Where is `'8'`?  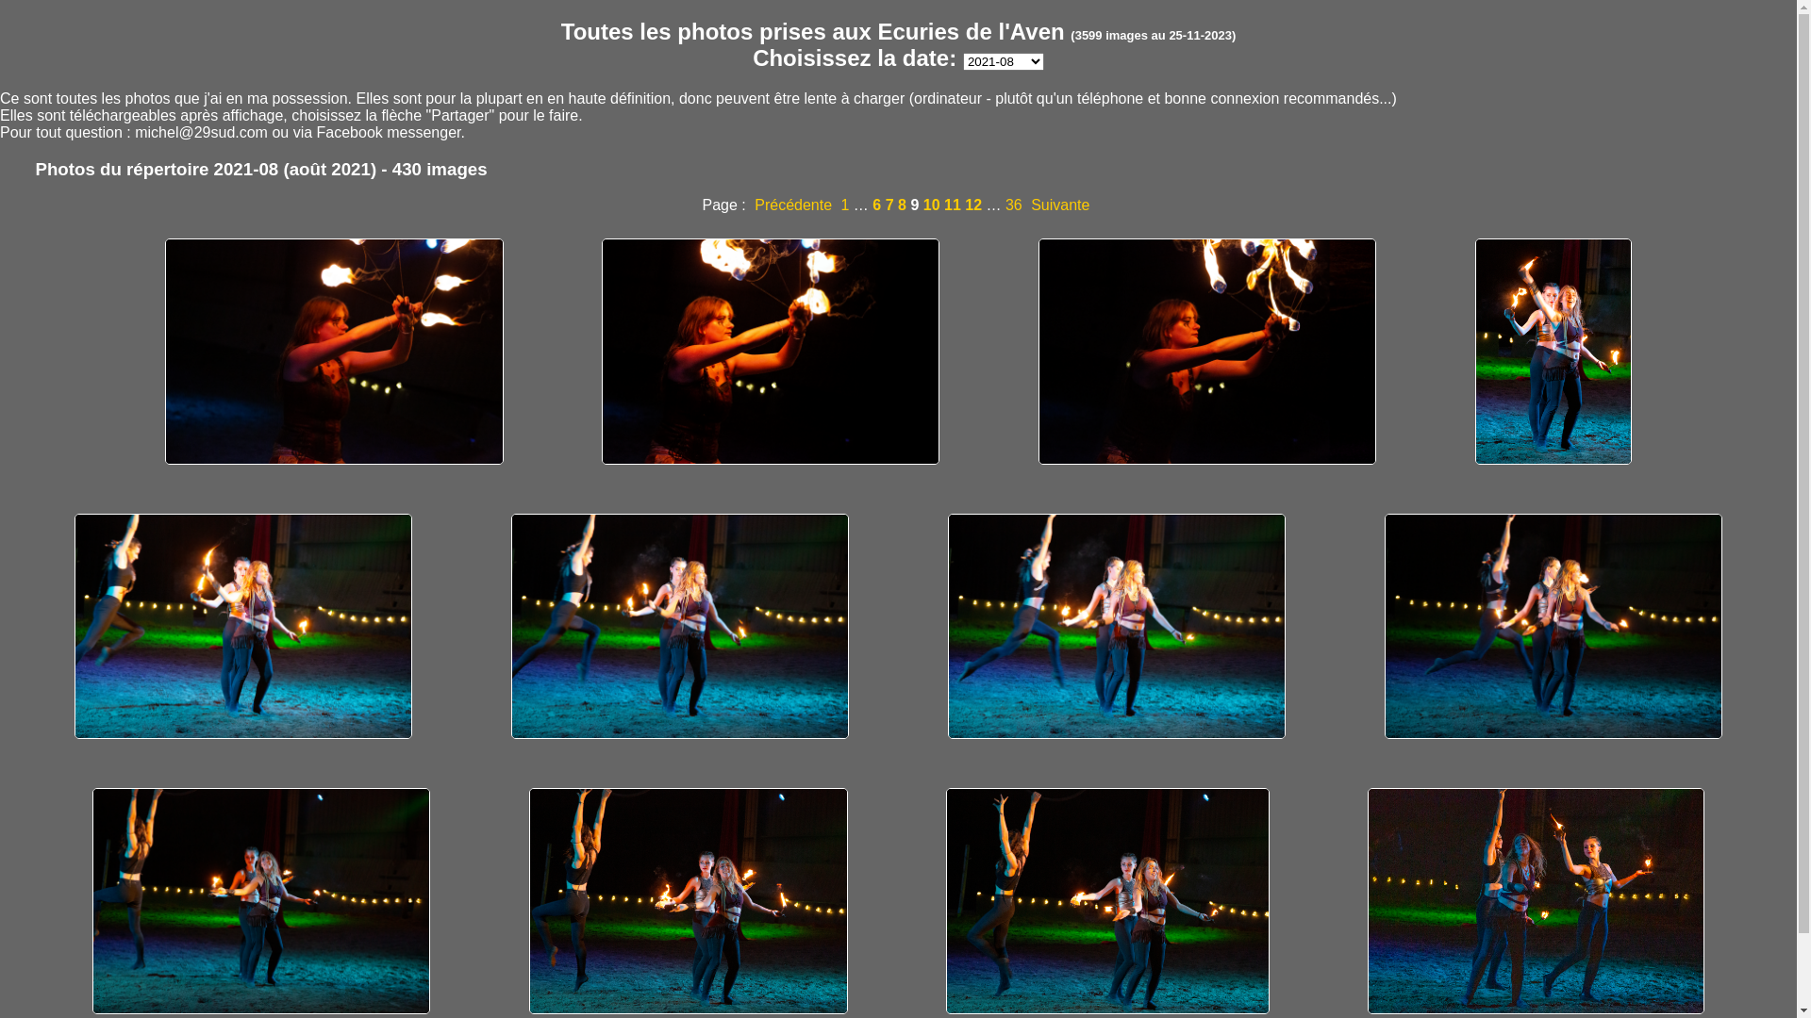 '8' is located at coordinates (901, 205).